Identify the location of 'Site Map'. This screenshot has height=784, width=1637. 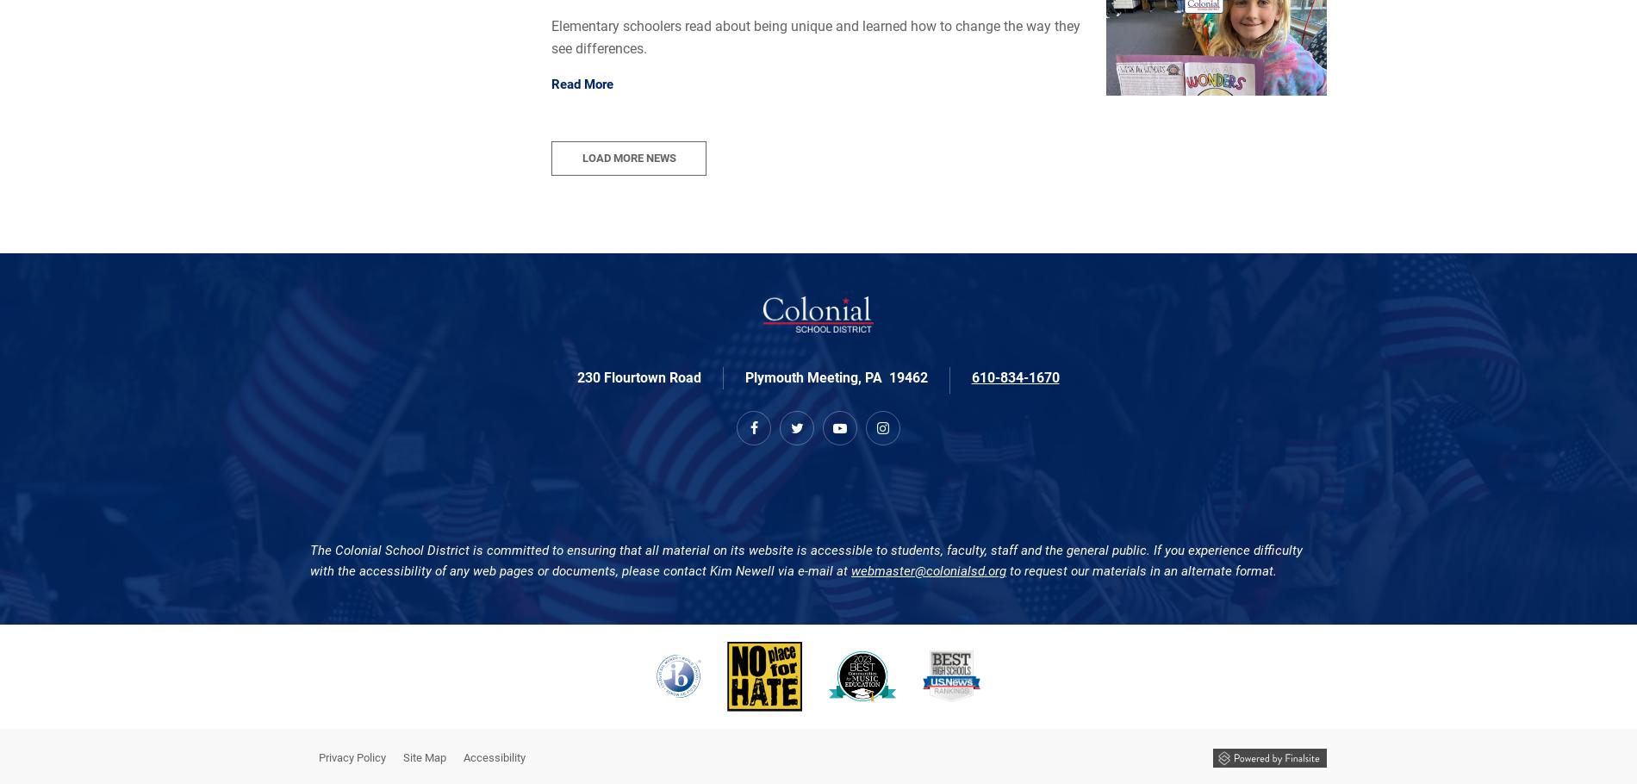
(425, 756).